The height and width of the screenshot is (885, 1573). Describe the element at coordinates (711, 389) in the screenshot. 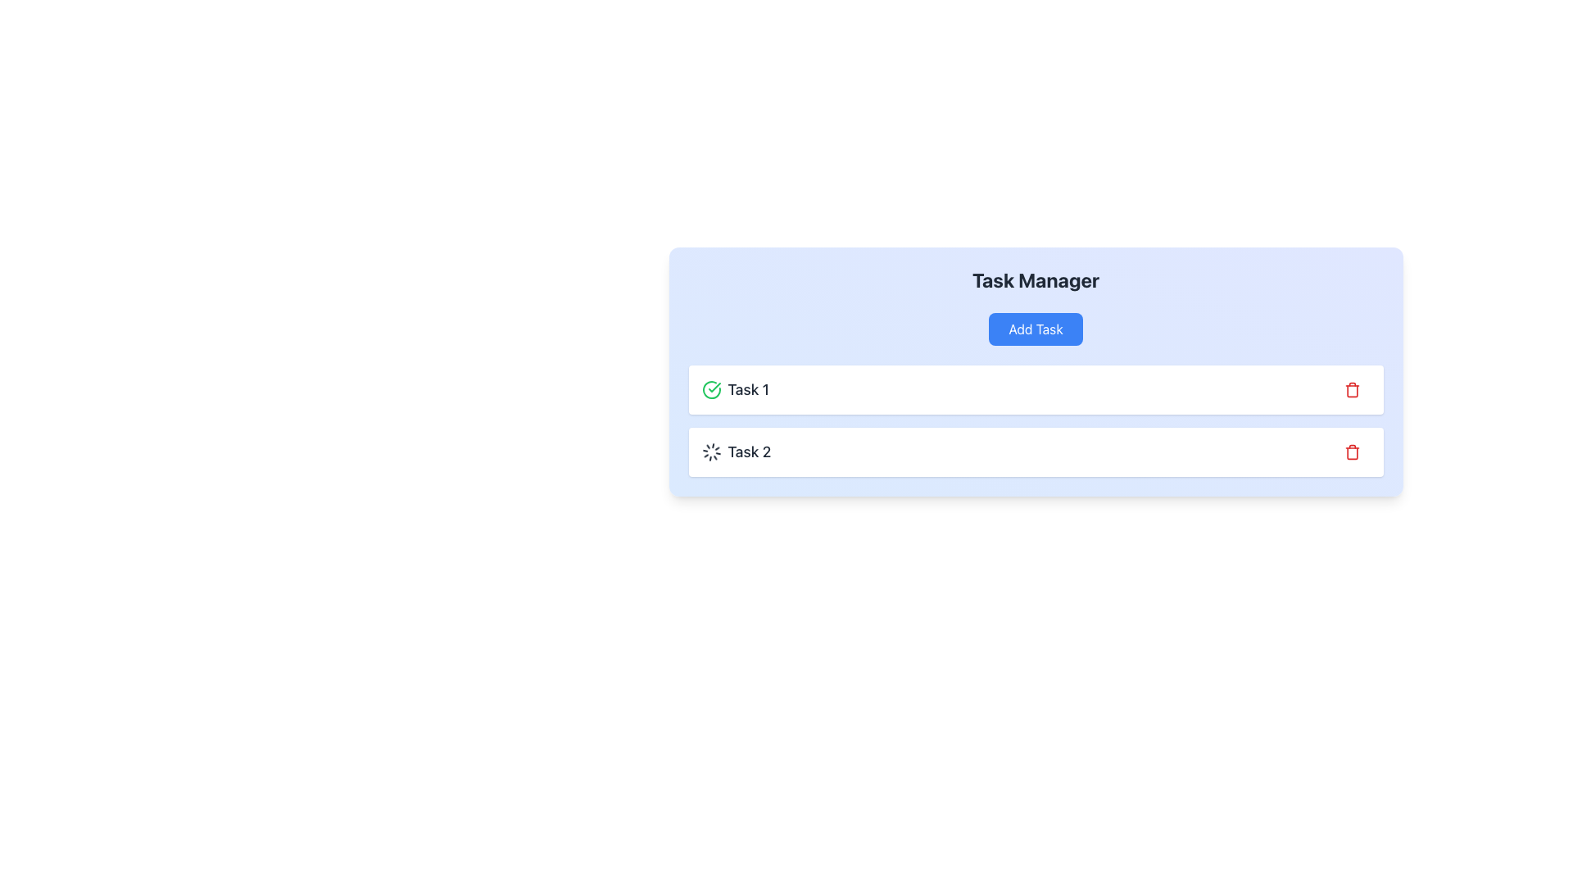

I see `the completed task icon for 'Task 1' located at the far-left side of the entry before the text` at that location.